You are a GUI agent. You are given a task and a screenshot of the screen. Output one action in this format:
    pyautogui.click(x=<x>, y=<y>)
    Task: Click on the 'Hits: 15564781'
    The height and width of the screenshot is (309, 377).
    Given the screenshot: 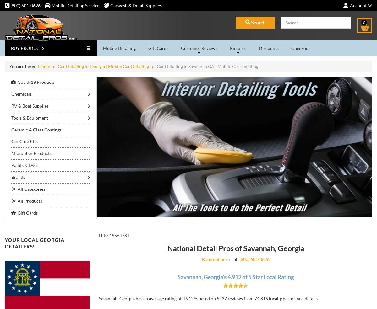 What is the action you would take?
    pyautogui.click(x=114, y=235)
    